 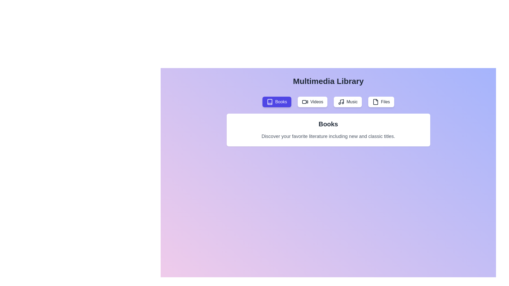 What do you see at coordinates (277, 102) in the screenshot?
I see `the Books tab by clicking on its button` at bounding box center [277, 102].